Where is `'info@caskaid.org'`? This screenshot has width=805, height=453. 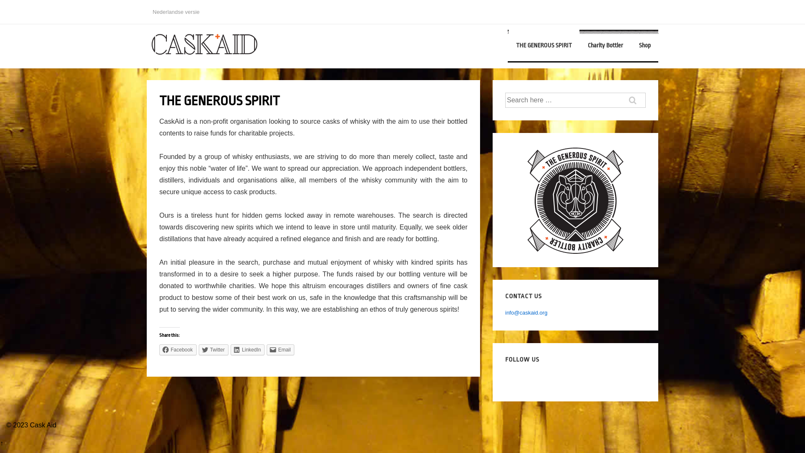 'info@caskaid.org' is located at coordinates (504, 312).